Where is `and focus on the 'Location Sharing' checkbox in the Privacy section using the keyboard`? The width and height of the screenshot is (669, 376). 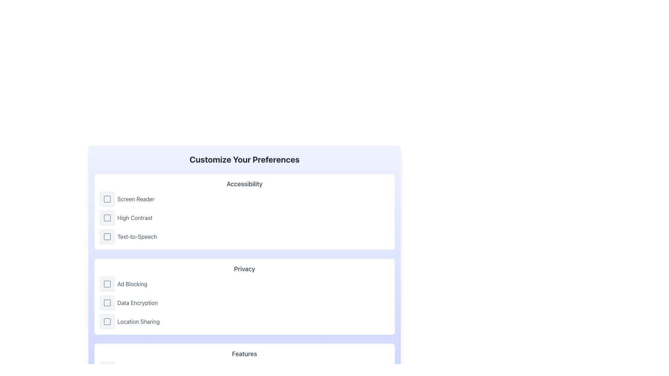 and focus on the 'Location Sharing' checkbox in the Privacy section using the keyboard is located at coordinates (107, 322).